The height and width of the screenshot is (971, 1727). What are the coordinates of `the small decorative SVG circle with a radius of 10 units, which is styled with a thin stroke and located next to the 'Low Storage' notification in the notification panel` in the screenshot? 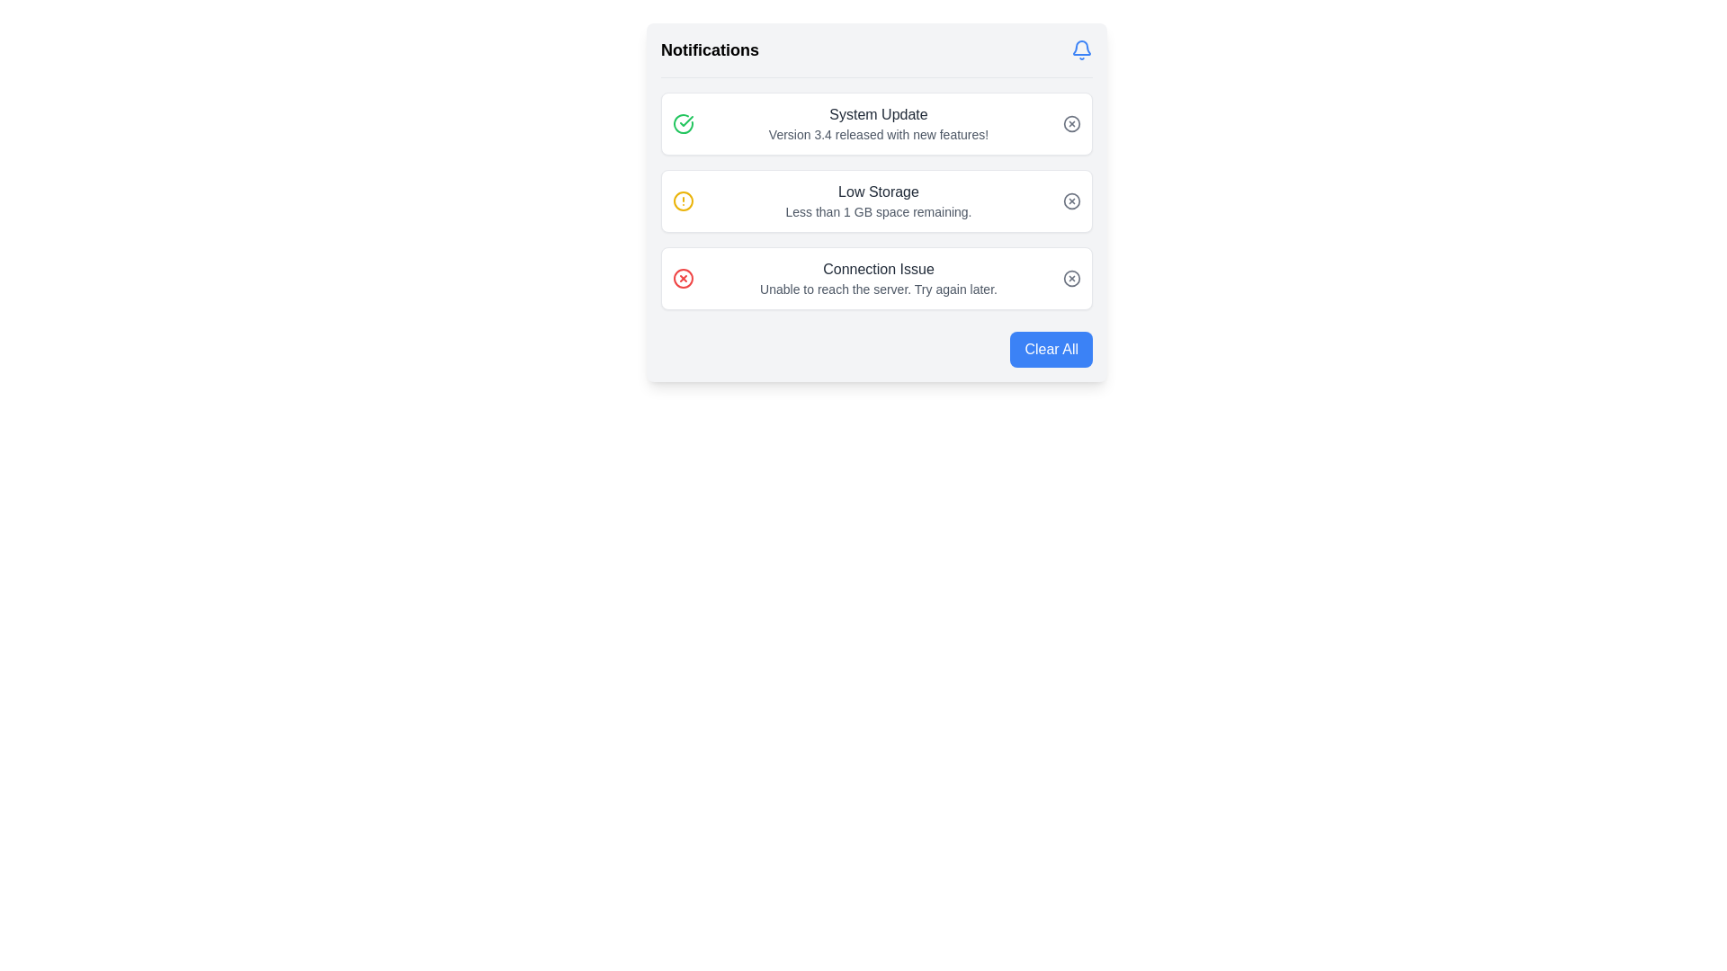 It's located at (1071, 200).